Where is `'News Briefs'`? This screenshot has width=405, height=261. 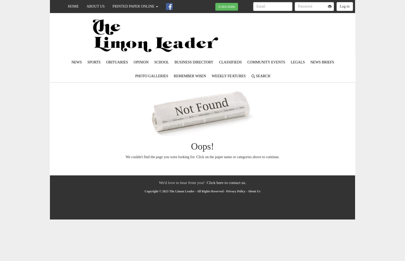
'News Briefs' is located at coordinates (322, 62).